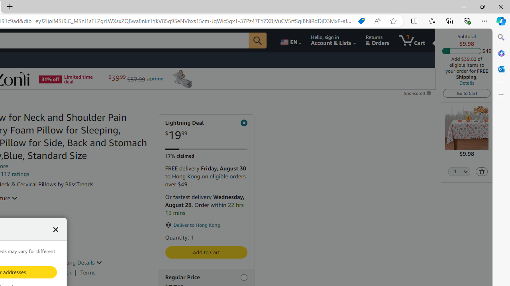  What do you see at coordinates (412, 40) in the screenshot?
I see `'1 item in cart'` at bounding box center [412, 40].